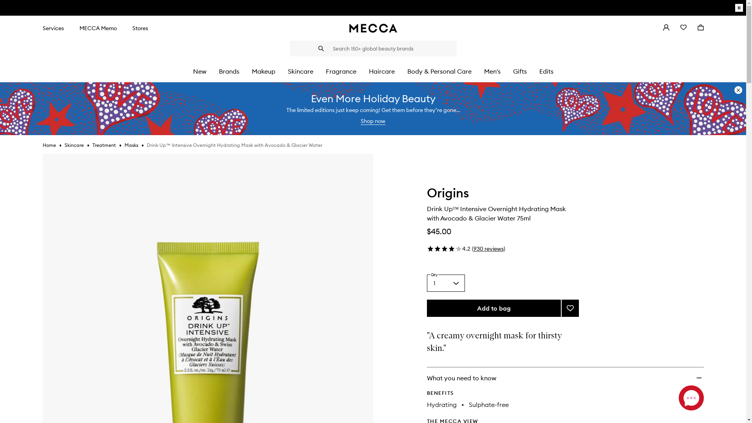 This screenshot has width=752, height=423. What do you see at coordinates (426, 377) in the screenshot?
I see `'What you need to know'` at bounding box center [426, 377].